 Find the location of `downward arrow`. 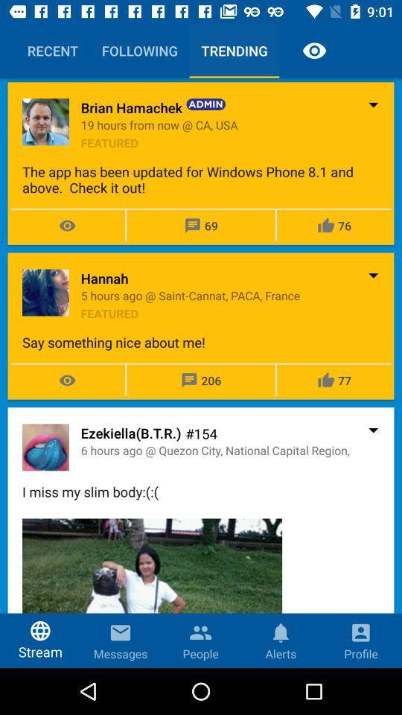

downward arrow is located at coordinates (372, 430).